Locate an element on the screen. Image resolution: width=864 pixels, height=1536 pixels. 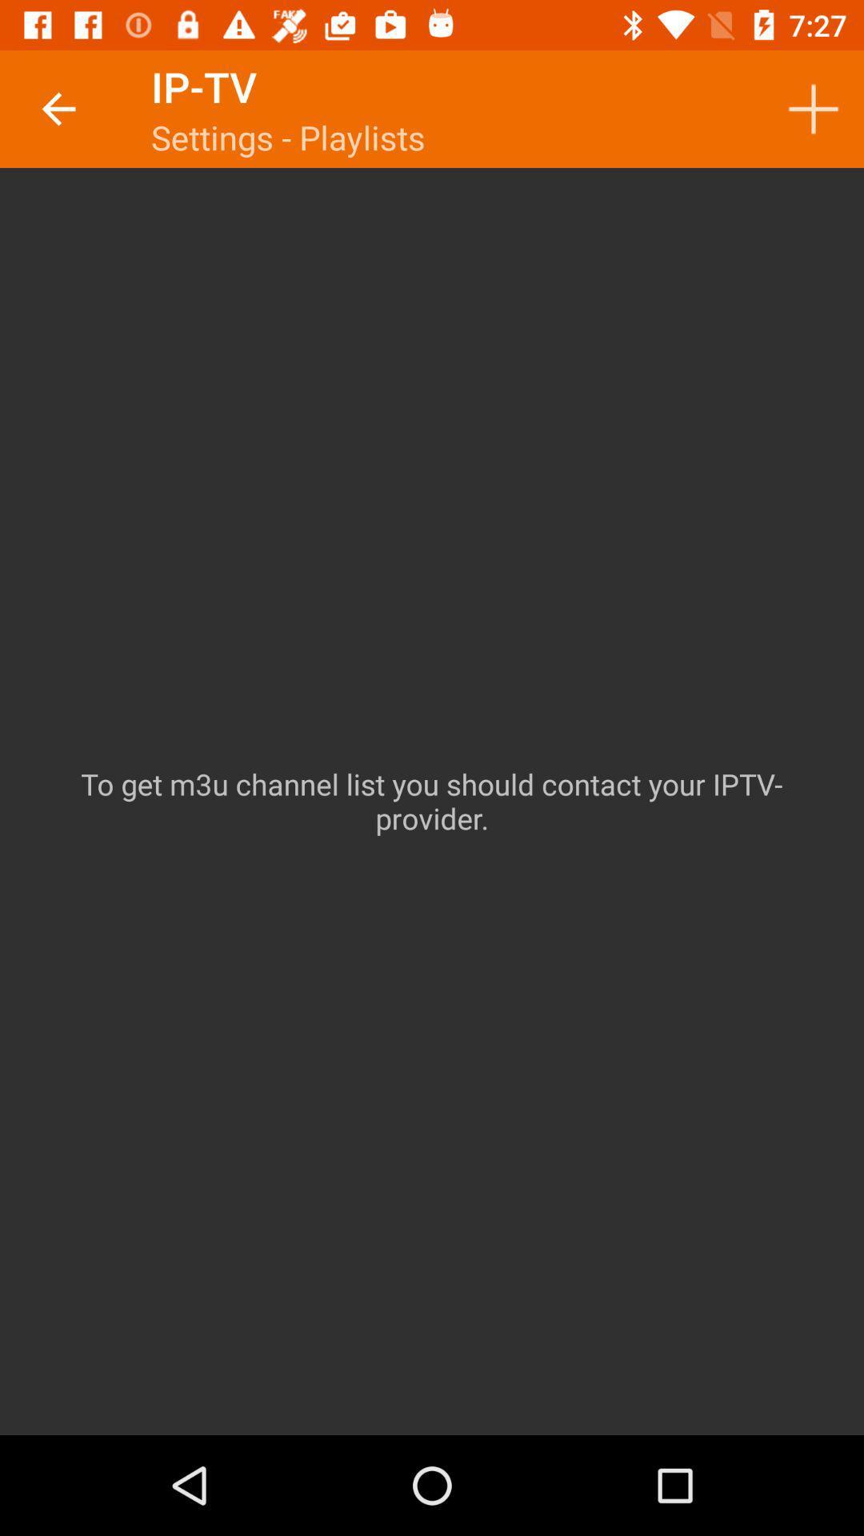
the icon to the left of the ip-tv item is located at coordinates (58, 108).